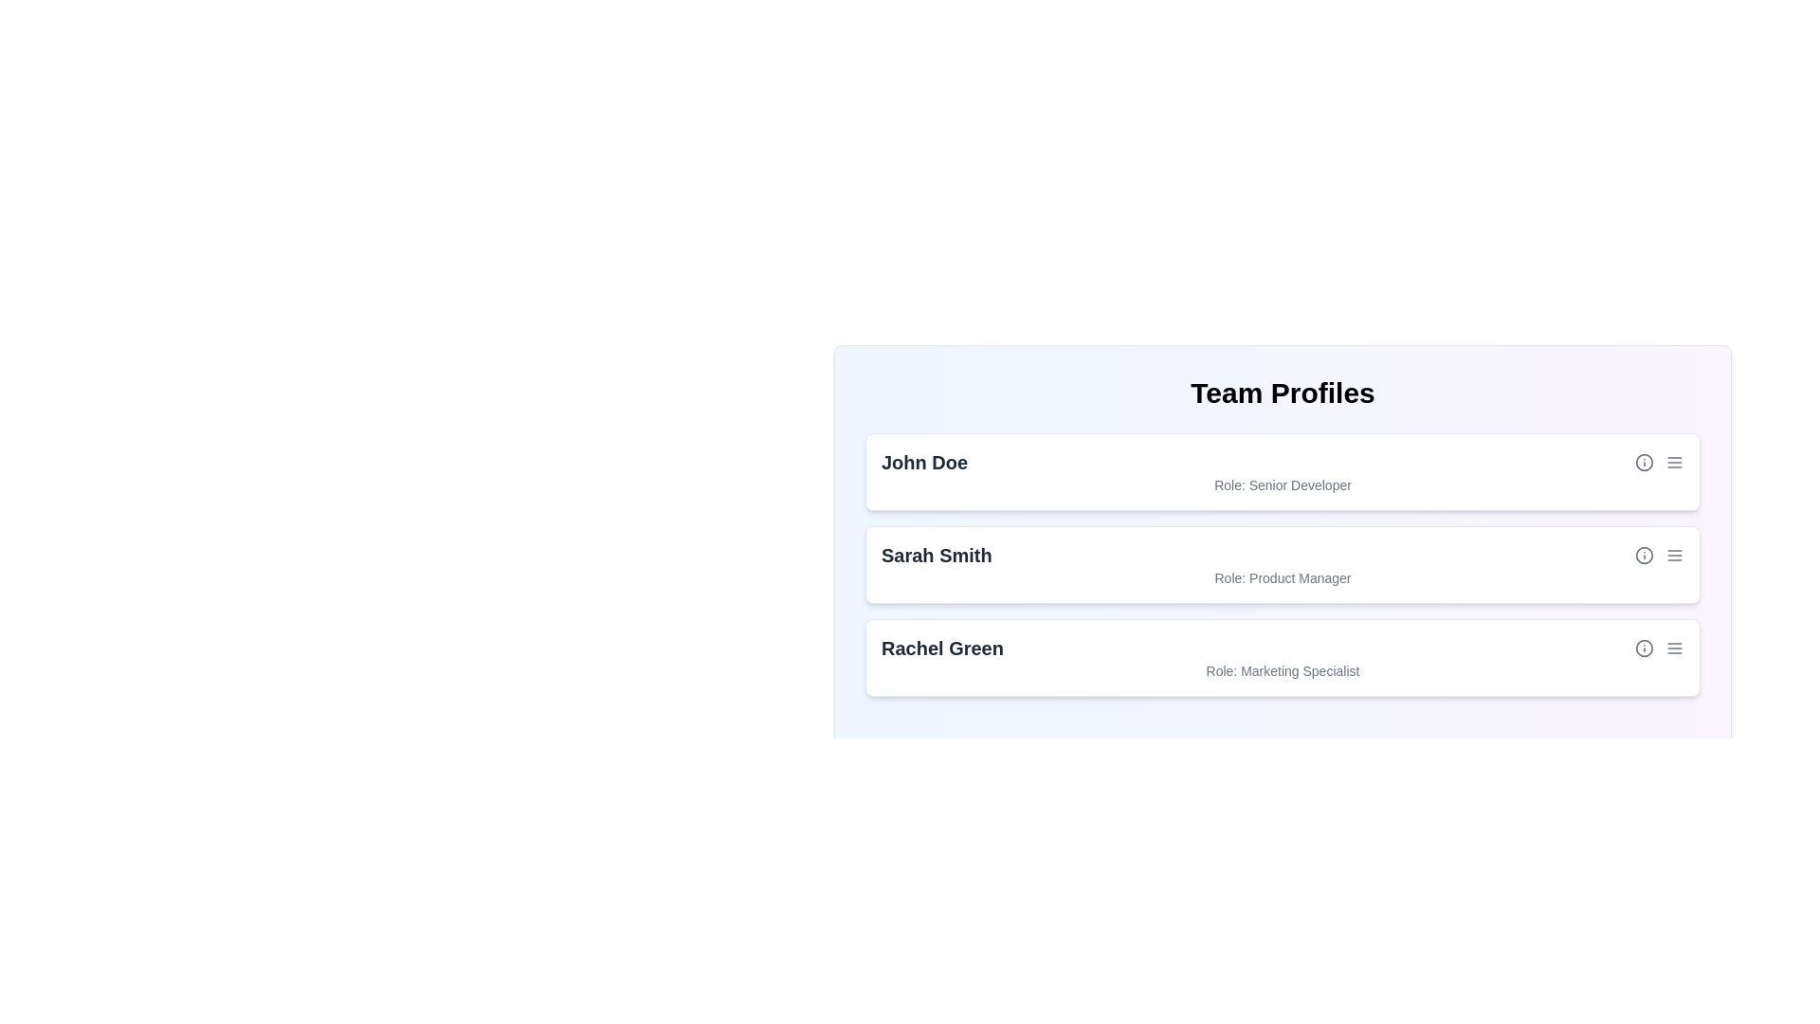 This screenshot has height=1024, width=1820. Describe the element at coordinates (1643, 555) in the screenshot. I see `the circular information button with a gray border and white background located in the top-right corner of the second row of the 'Team Profiles' list next to 'Sarah Smith'` at that location.